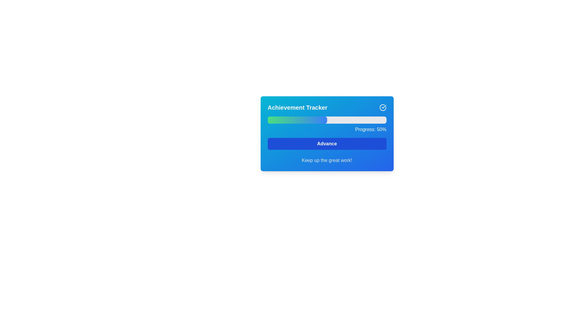 This screenshot has width=570, height=321. Describe the element at coordinates (327, 160) in the screenshot. I see `motivational text displayed in the text component with a light blue background that says 'Keep up the great work!', located at the bottom of the 'Achievement Tracker' card` at that location.